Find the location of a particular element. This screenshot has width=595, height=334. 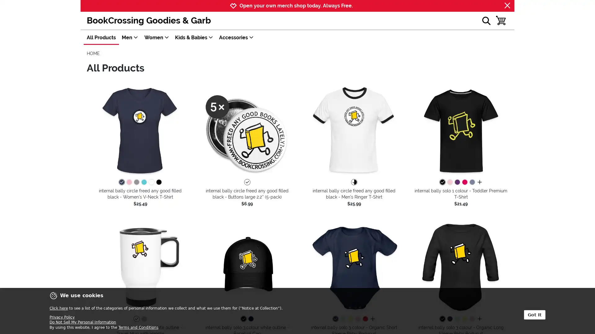

black is located at coordinates (243, 319).